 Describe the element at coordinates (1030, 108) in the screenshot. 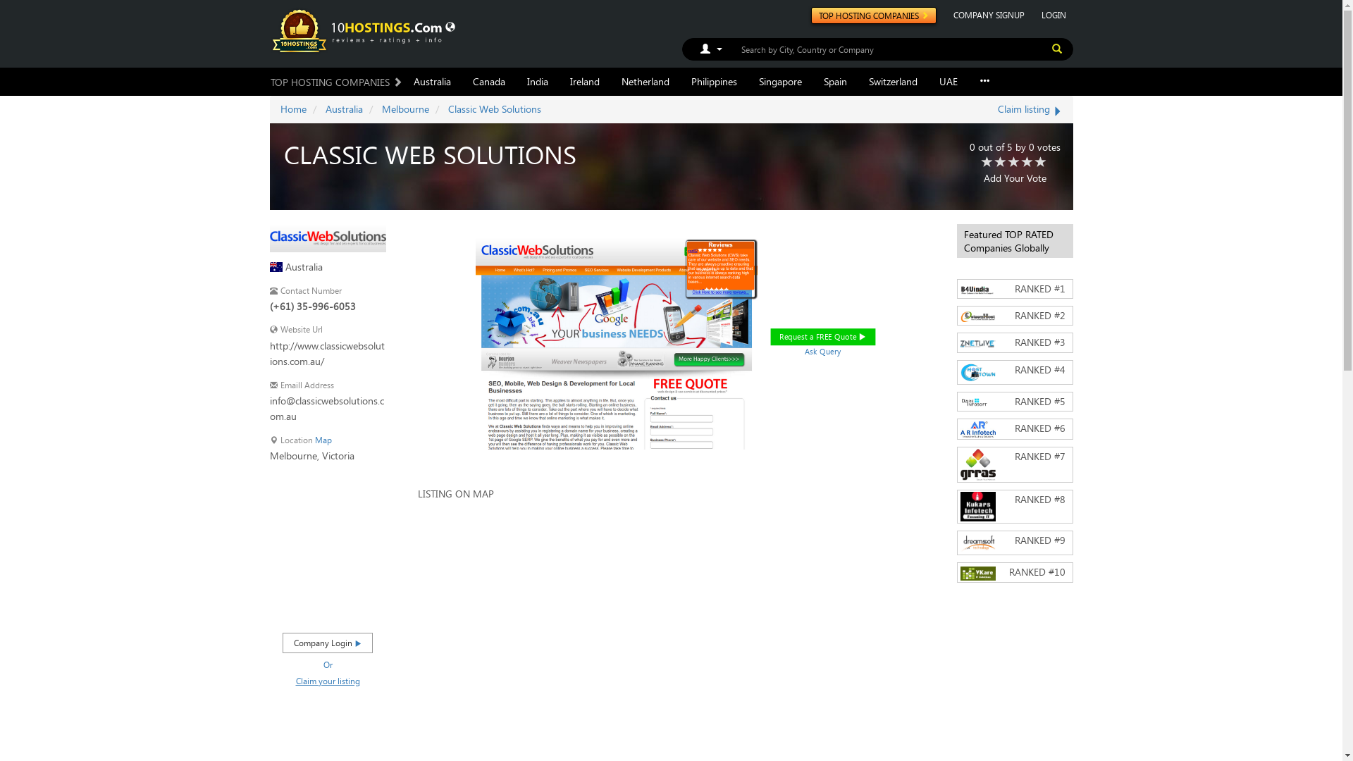

I see `'Claim listing'` at that location.